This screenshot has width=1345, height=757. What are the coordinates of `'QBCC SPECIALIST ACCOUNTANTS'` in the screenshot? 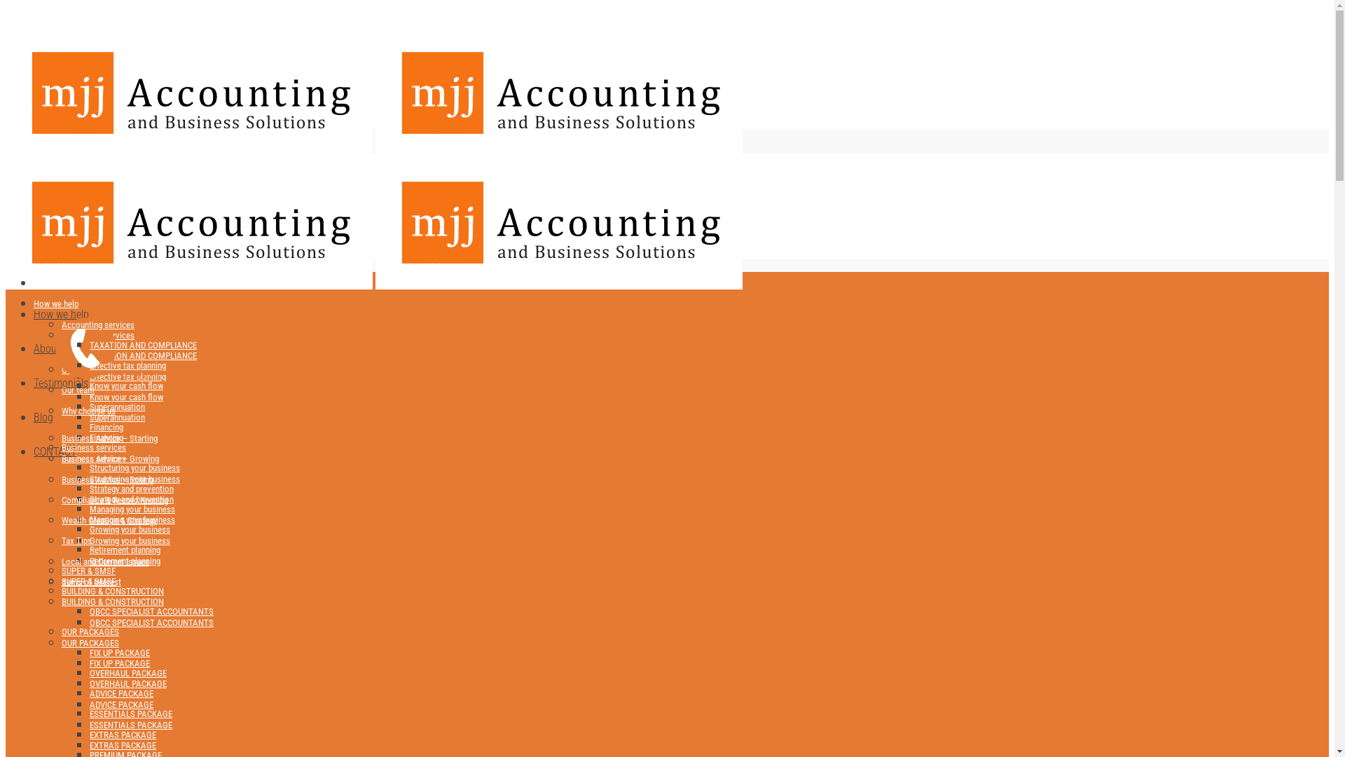 It's located at (89, 611).